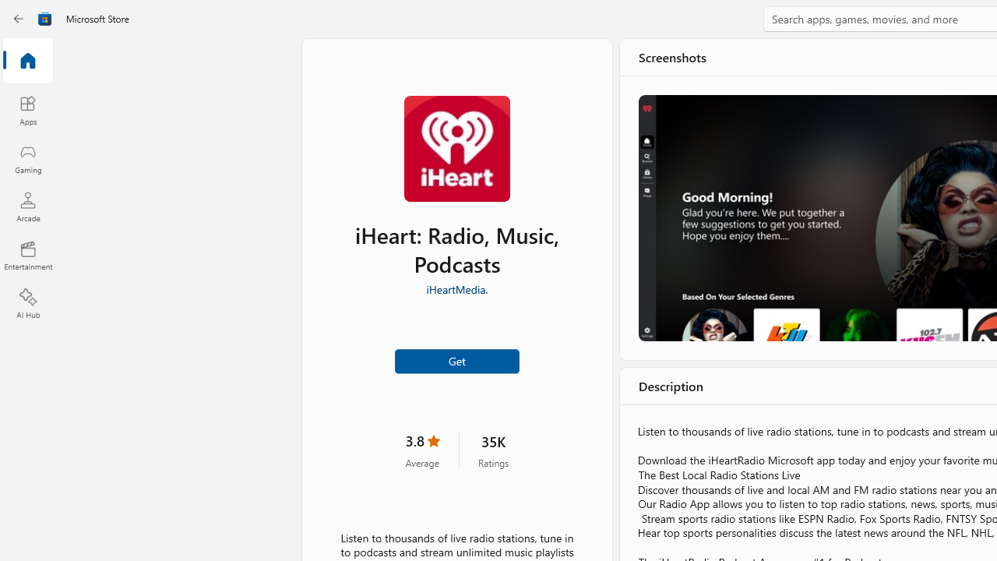 This screenshot has width=997, height=561. Describe the element at coordinates (45, 19) in the screenshot. I see `'Class: Image'` at that location.